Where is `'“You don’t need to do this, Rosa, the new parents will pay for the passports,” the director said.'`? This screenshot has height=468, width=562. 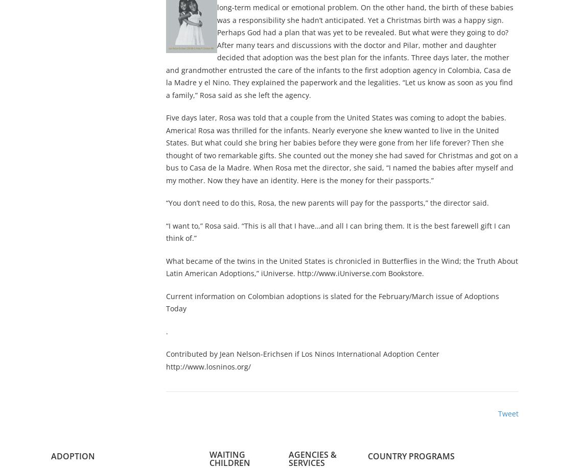
'“You don’t need to do this, Rosa, the new parents will pay for the passports,” the director said.' is located at coordinates (327, 203).